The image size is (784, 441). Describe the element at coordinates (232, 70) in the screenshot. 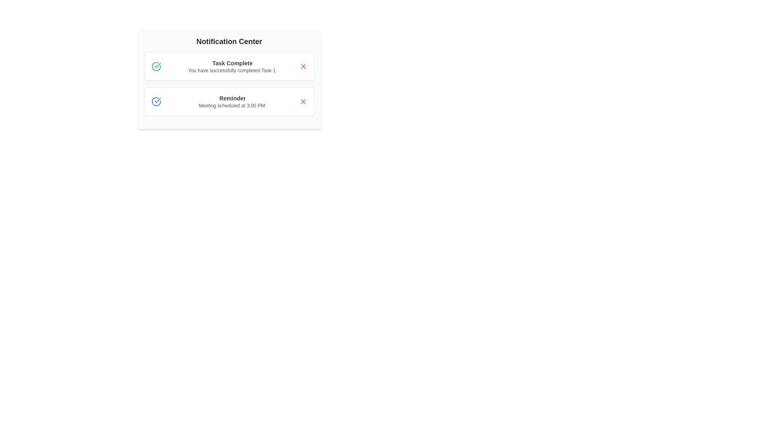

I see `static text label displaying 'You have successfully completed Task 1.' located beneath the bold heading 'Task Complete' in the notification center` at that location.